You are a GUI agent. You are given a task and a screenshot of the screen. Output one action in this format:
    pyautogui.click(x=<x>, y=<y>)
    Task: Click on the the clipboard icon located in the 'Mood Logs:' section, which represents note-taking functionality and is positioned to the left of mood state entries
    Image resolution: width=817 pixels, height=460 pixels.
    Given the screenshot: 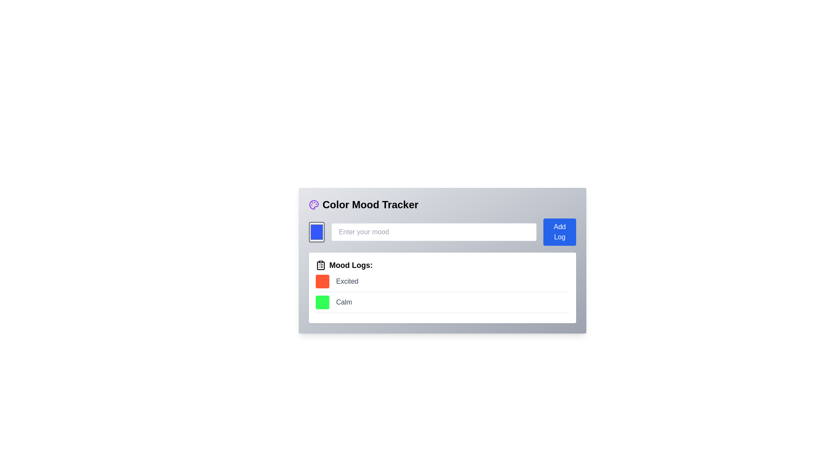 What is the action you would take?
    pyautogui.click(x=320, y=265)
    